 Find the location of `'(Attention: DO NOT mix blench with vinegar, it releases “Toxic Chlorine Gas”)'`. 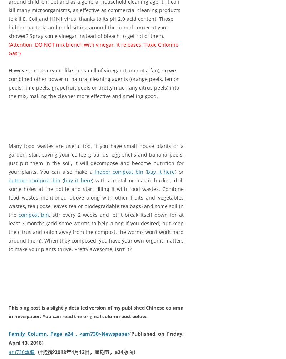

'(Attention: DO NOT mix blench with vinegar, it releases “Toxic Chlorine Gas”)' is located at coordinates (93, 48).